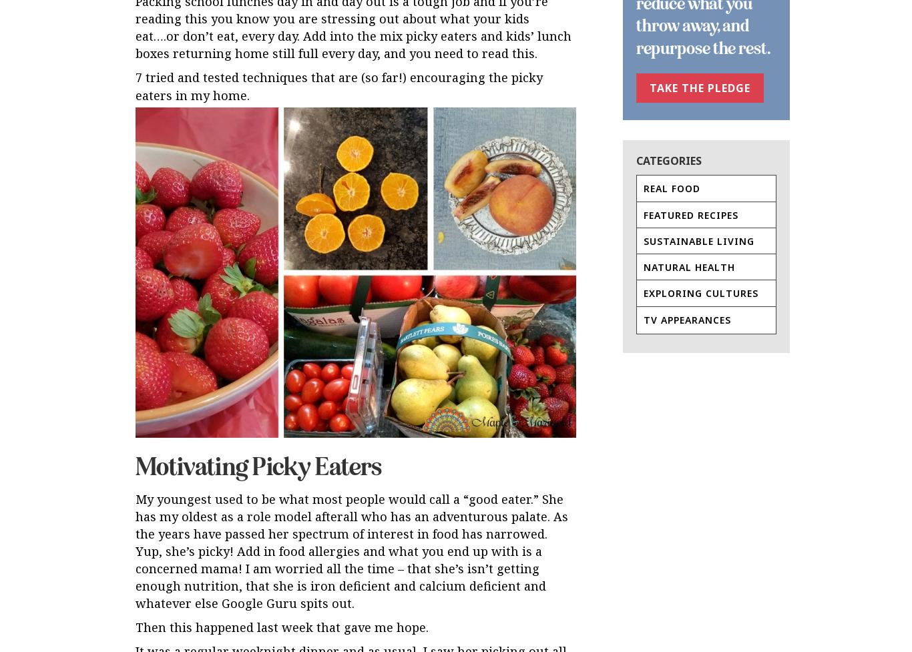 The height and width of the screenshot is (652, 912). Describe the element at coordinates (686, 319) in the screenshot. I see `'TV Appearances'` at that location.